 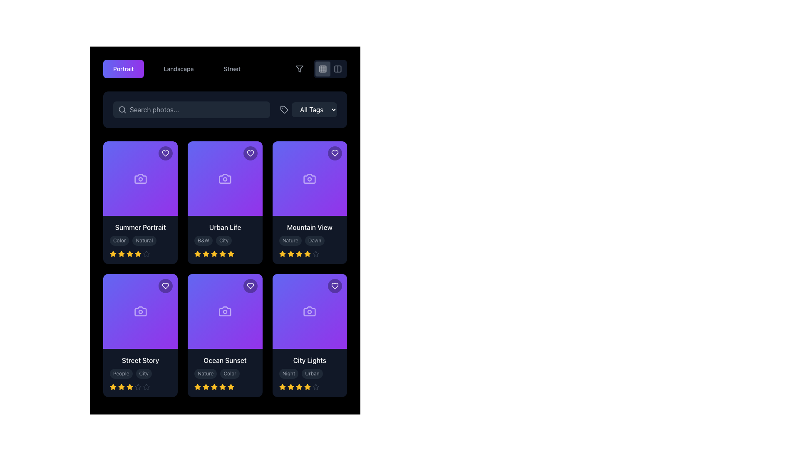 What do you see at coordinates (284, 109) in the screenshot?
I see `the graphical icon for tagging or filtering located in the top-right region of the interface, immediately to the left of the 'All Tags' dropdown menu` at bounding box center [284, 109].